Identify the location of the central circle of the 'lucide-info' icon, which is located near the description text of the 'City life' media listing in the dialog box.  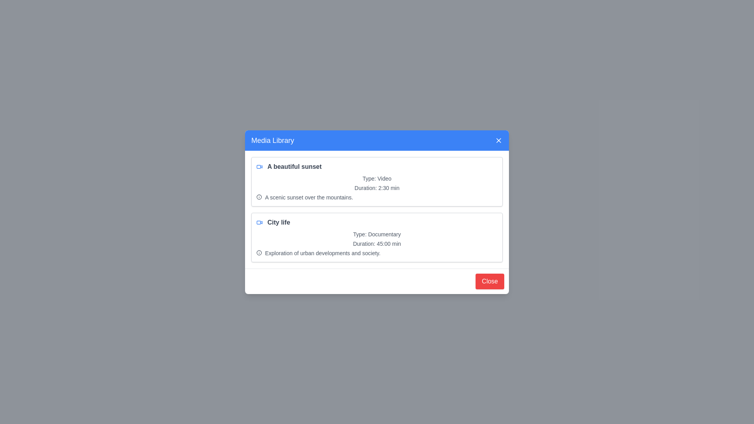
(259, 252).